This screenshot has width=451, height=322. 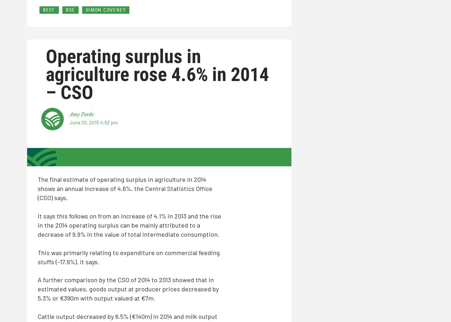 I want to click on 'BSE', so click(x=65, y=10).